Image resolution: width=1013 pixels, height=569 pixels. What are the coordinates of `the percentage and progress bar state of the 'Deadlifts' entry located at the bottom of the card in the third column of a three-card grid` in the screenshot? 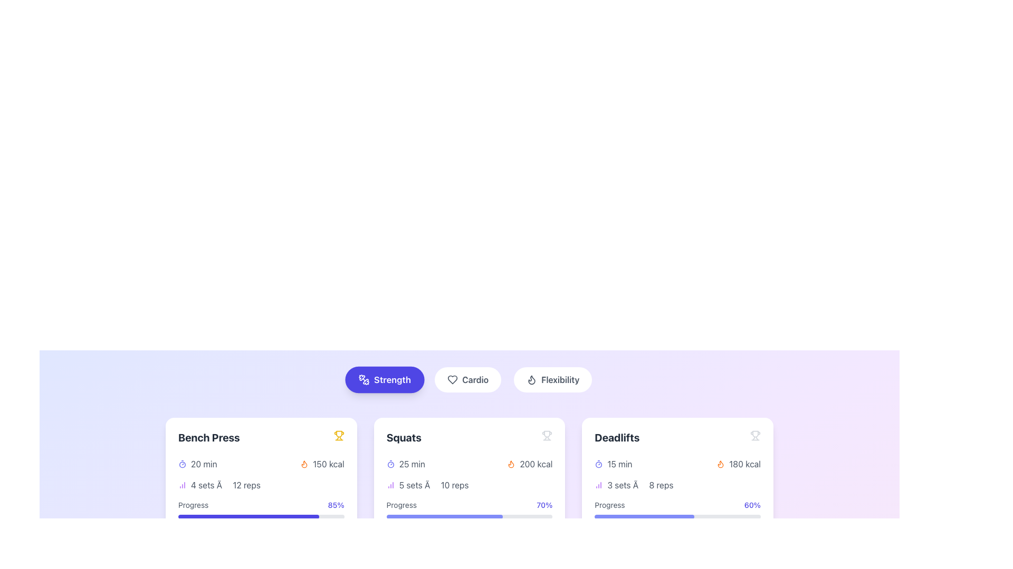 It's located at (677, 509).